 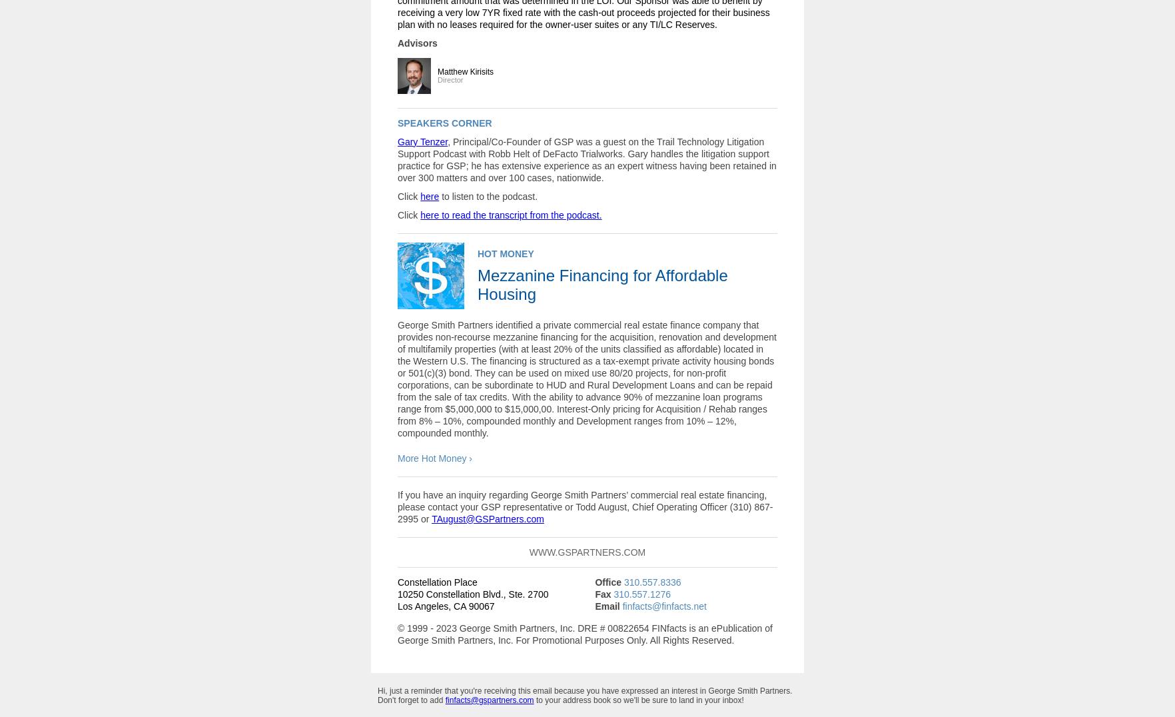 What do you see at coordinates (638, 699) in the screenshot?
I see `'to your address book so we'll be sure to land in your inbox!'` at bounding box center [638, 699].